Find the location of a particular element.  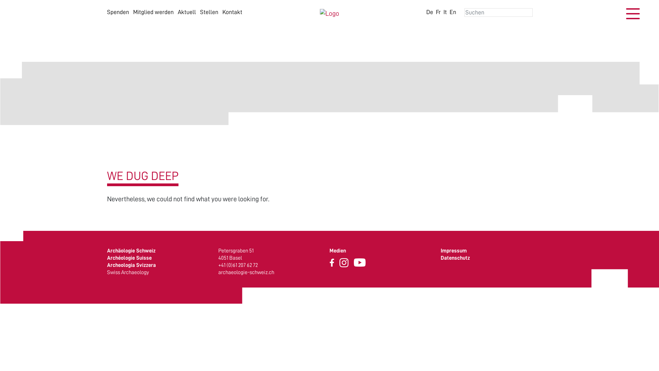

'En' is located at coordinates (450, 12).